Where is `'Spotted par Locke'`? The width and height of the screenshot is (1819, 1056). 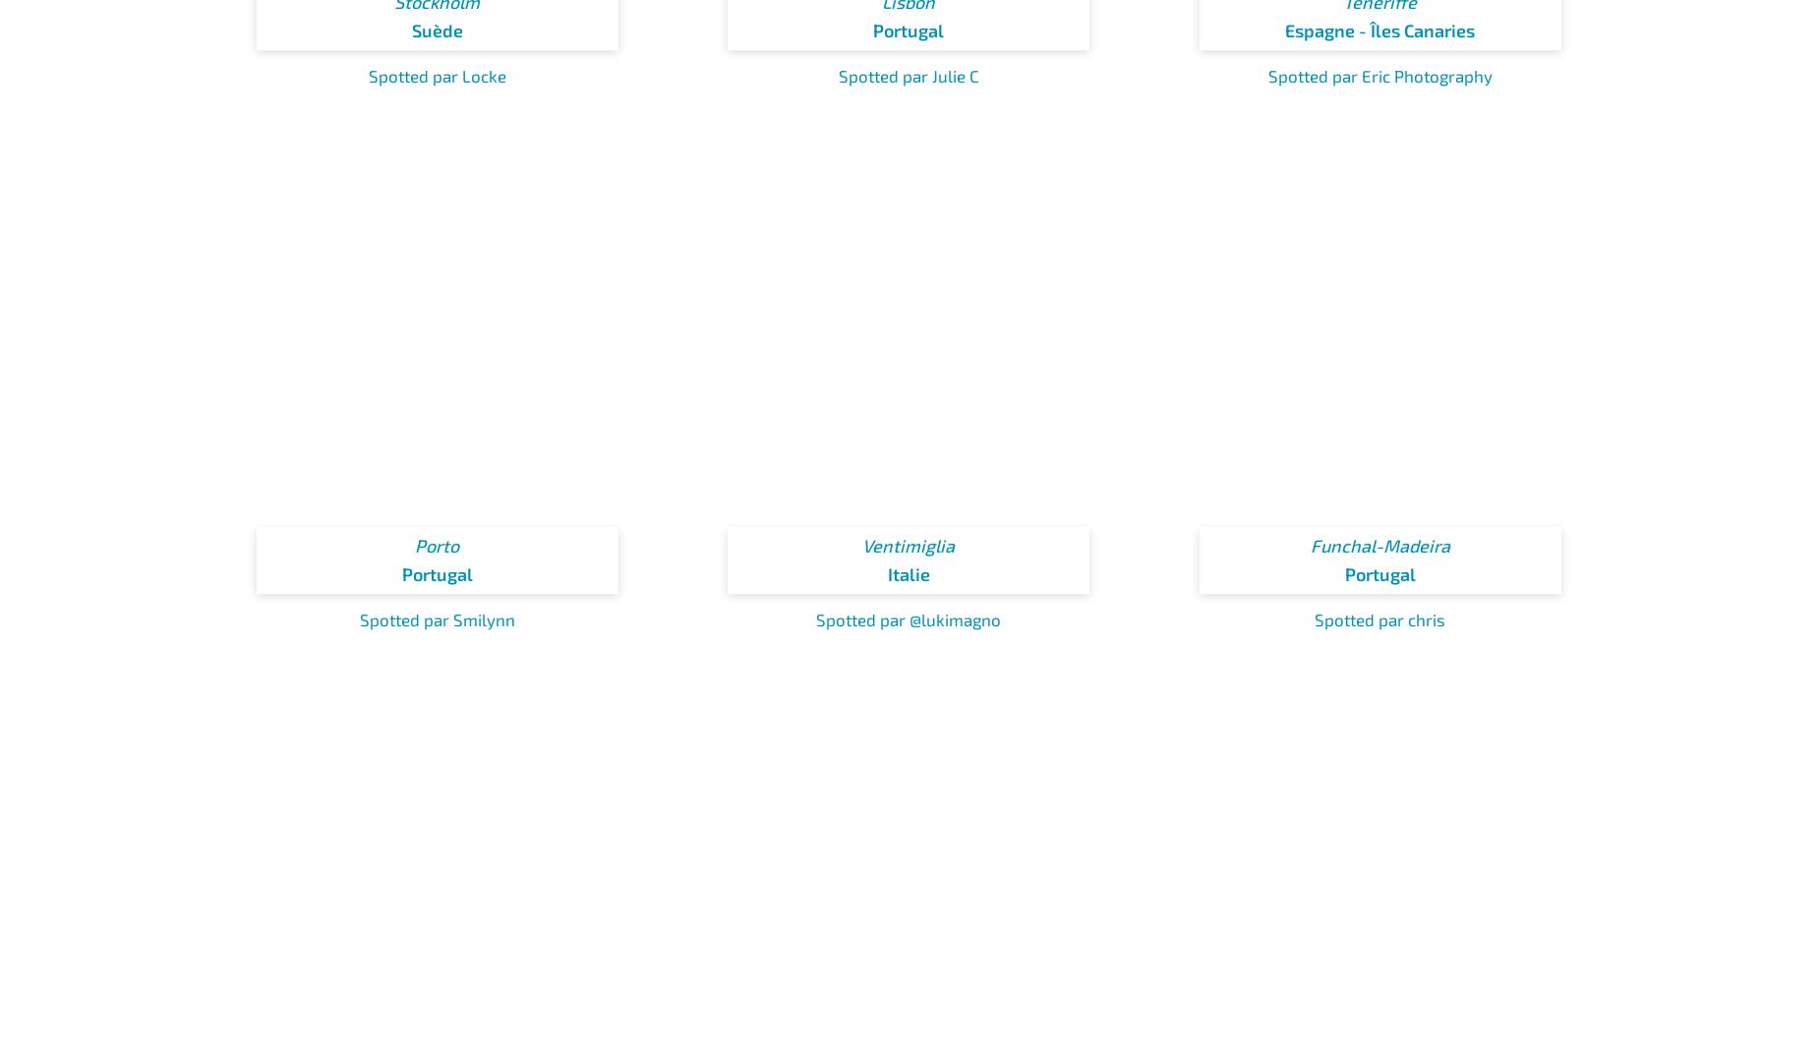 'Spotted par Locke' is located at coordinates (436, 76).